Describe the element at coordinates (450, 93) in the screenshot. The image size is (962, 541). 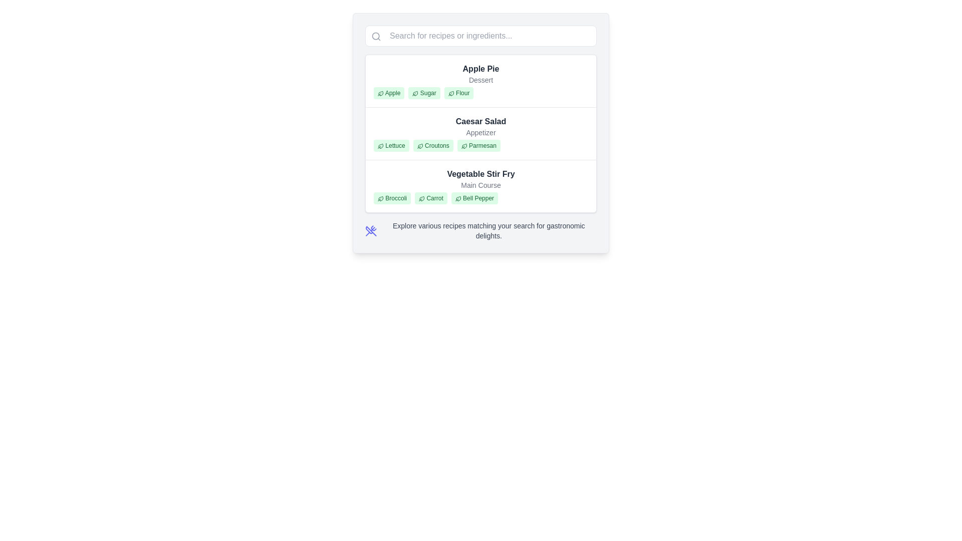
I see `the decorative icon indicating the ingredient 'Flour' located to the left of the text within the label for 'Apple Pie'` at that location.